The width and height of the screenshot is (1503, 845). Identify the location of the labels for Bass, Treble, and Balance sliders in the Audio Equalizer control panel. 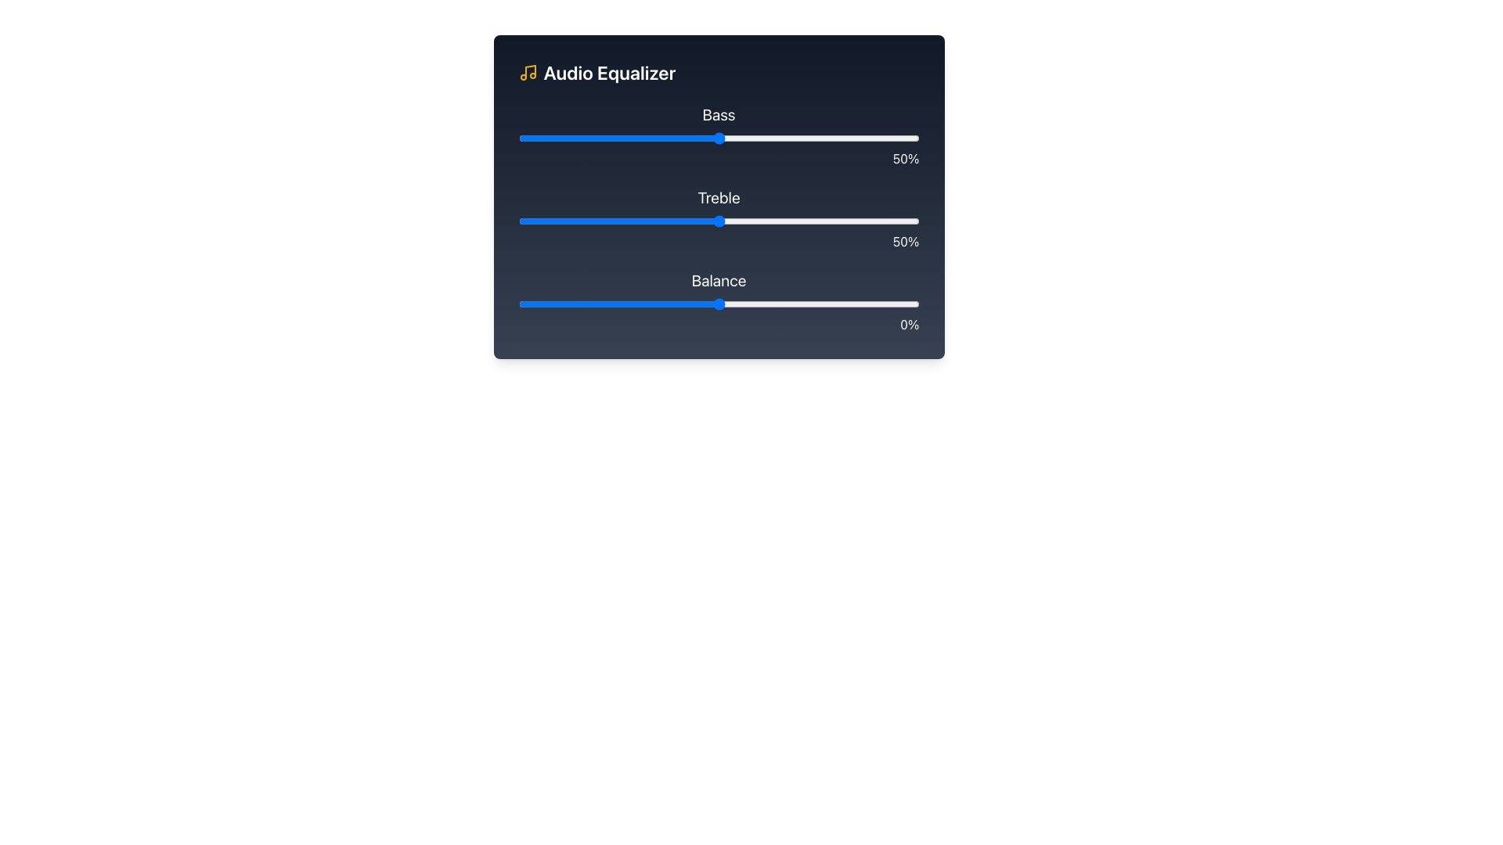
(718, 196).